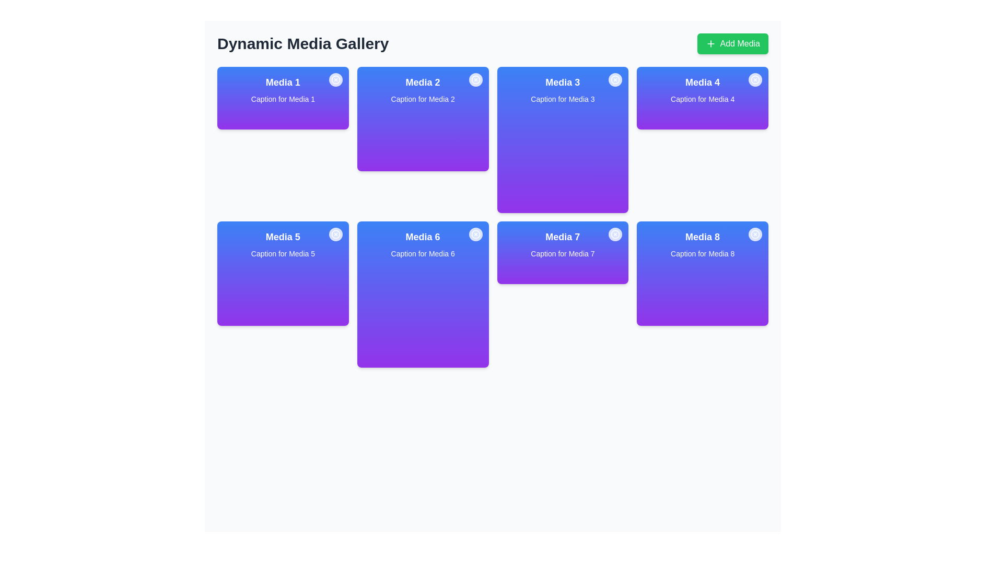 Image resolution: width=1003 pixels, height=564 pixels. Describe the element at coordinates (475, 233) in the screenshot. I see `the circular SVG element that serves as the background for the smaller cross icon within the 'Media 6' card` at that location.